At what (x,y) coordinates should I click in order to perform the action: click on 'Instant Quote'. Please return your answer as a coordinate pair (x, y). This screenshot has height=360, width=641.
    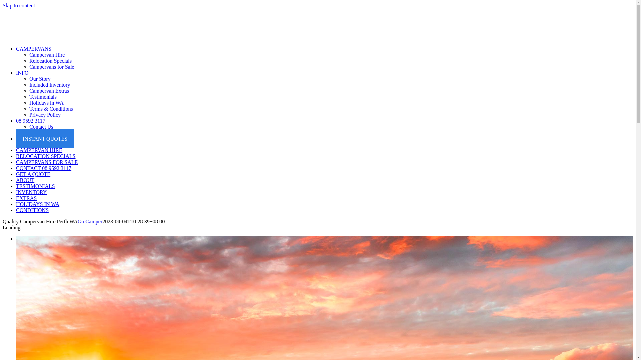
    Looking at the image, I should click on (29, 133).